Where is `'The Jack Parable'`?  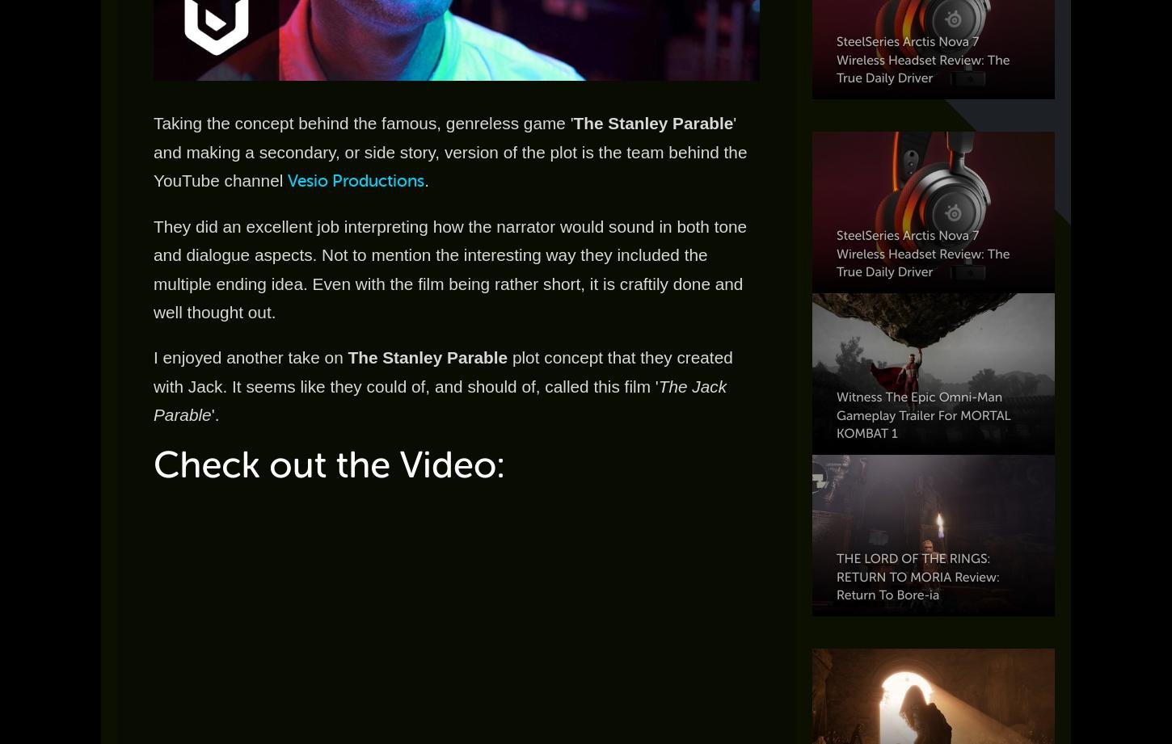 'The Jack Parable' is located at coordinates (152, 399).